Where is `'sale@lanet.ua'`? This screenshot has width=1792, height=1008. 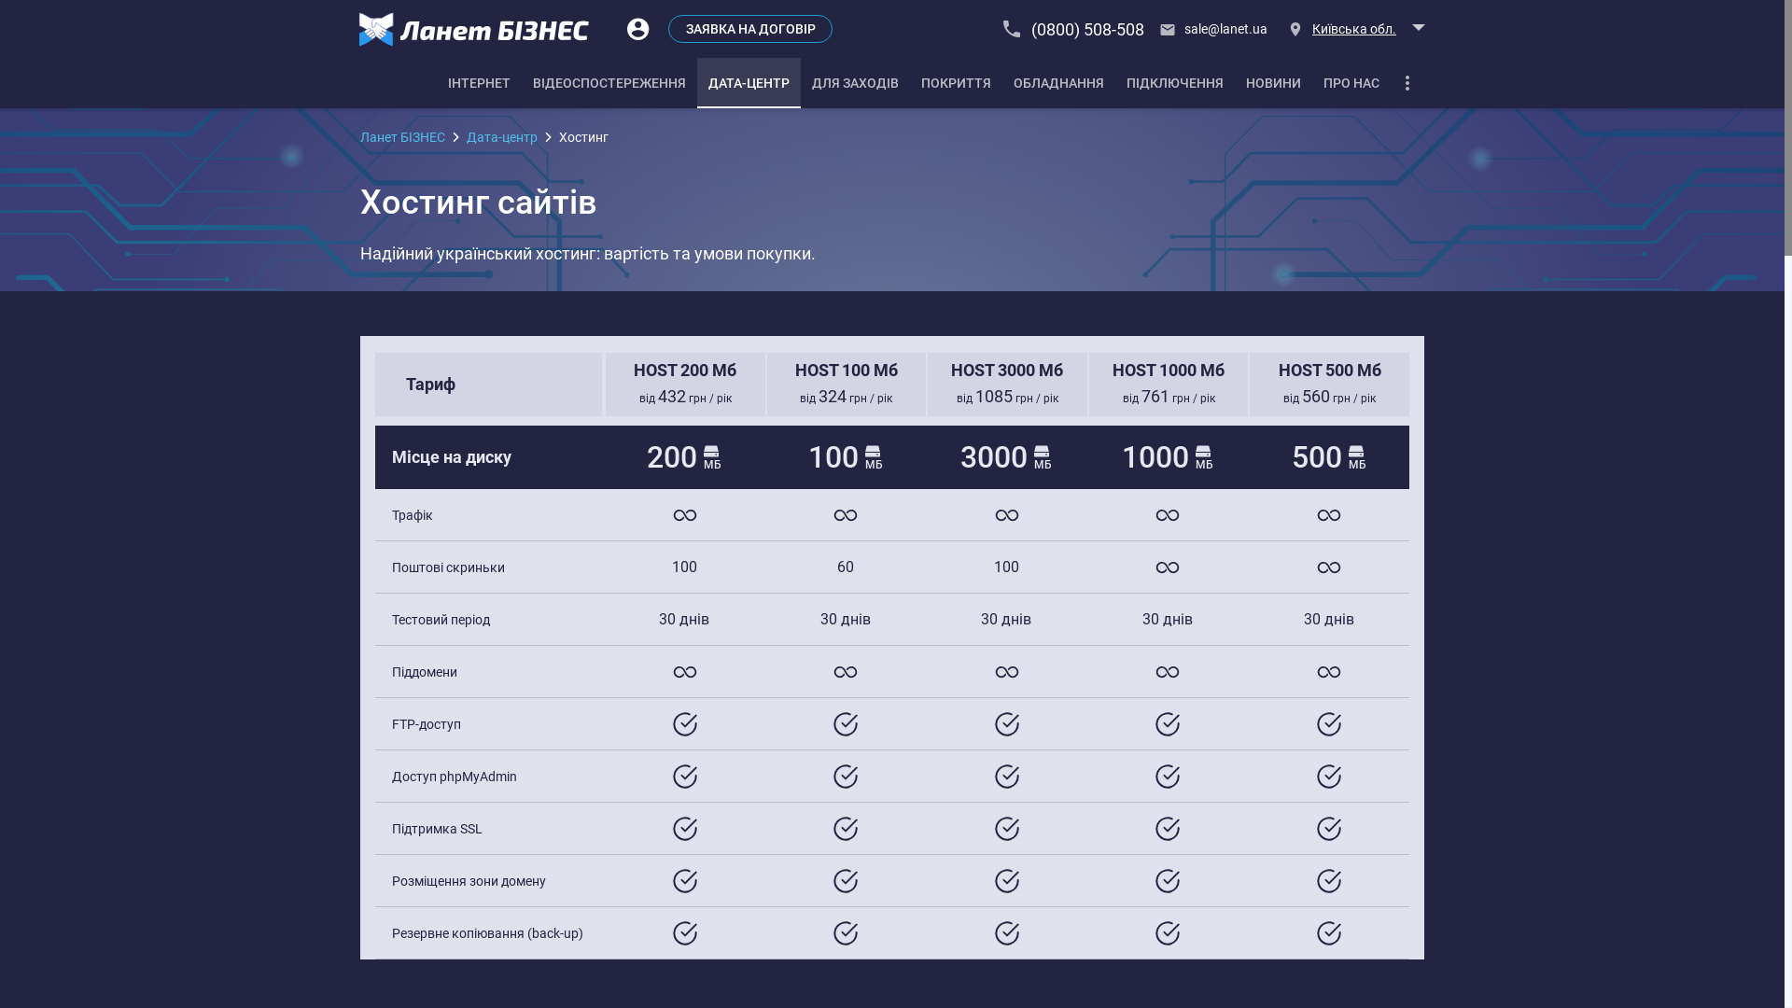
'sale@lanet.ua' is located at coordinates (1153, 28).